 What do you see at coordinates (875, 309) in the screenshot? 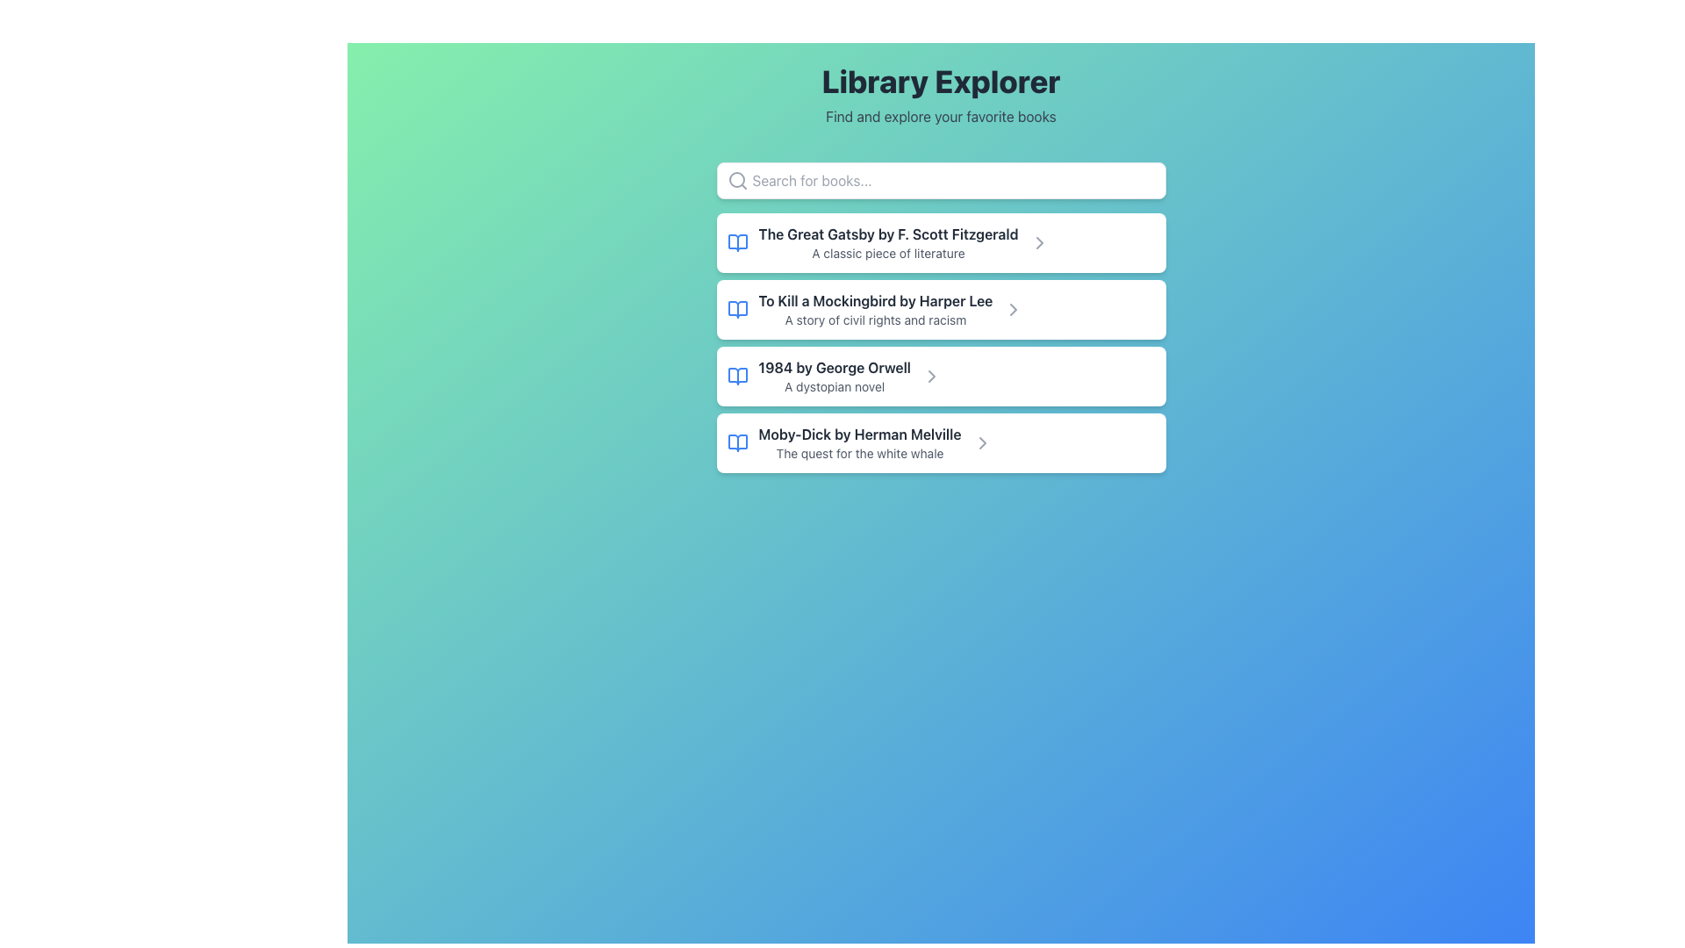
I see `text content of the second item in the book list, which displays the title and subtitle of a book, positioned between 'The Great Gatsby' and '1984'` at bounding box center [875, 309].